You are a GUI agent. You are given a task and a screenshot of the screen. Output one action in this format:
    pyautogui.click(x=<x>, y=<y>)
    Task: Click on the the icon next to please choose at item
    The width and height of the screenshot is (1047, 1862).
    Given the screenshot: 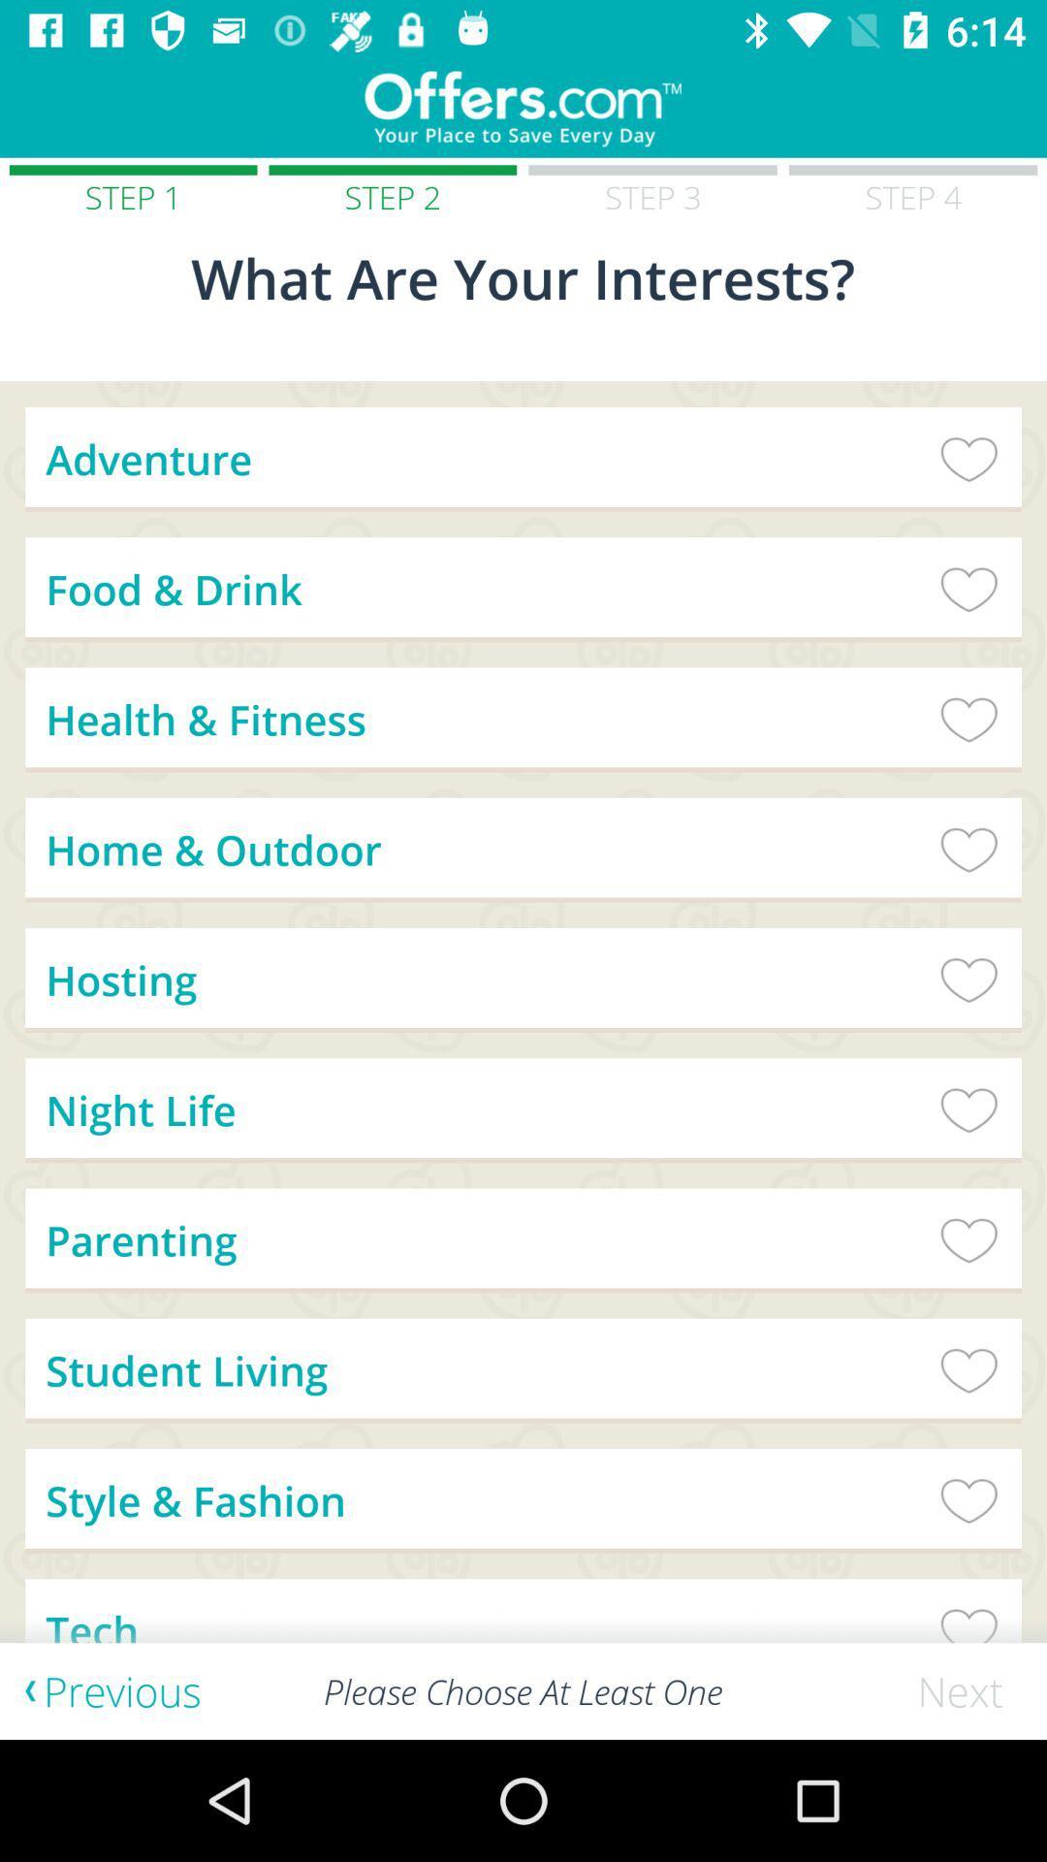 What is the action you would take?
    pyautogui.click(x=969, y=1690)
    